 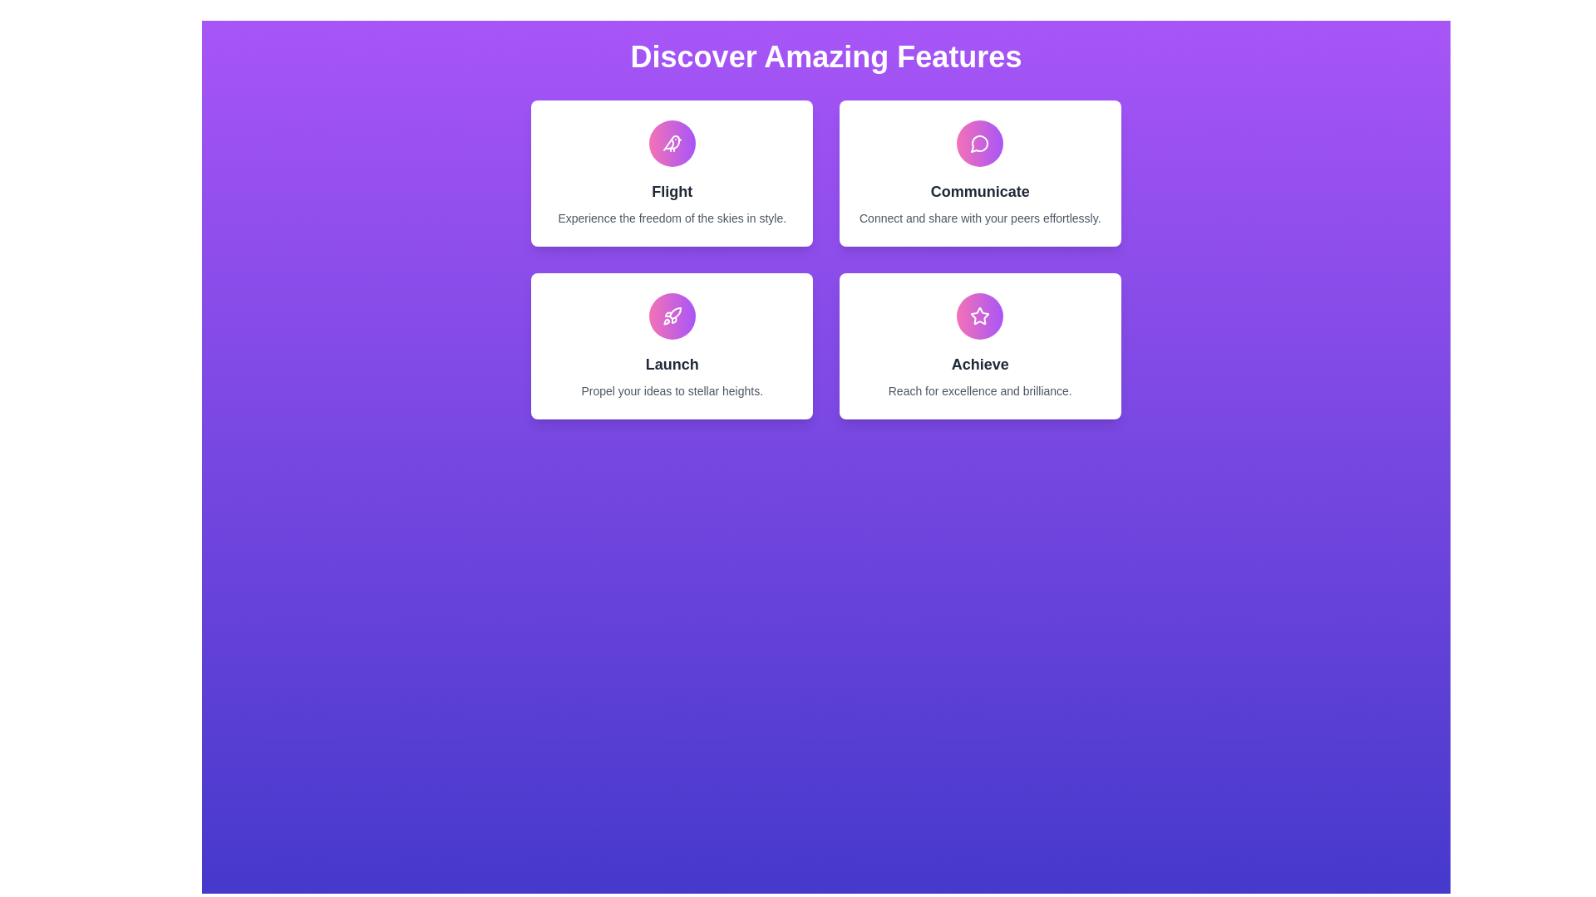 I want to click on the circular graphical icon with a speech bubble, located at the top center of the 'Communicate' feature box, as a visual indicator, so click(x=979, y=143).